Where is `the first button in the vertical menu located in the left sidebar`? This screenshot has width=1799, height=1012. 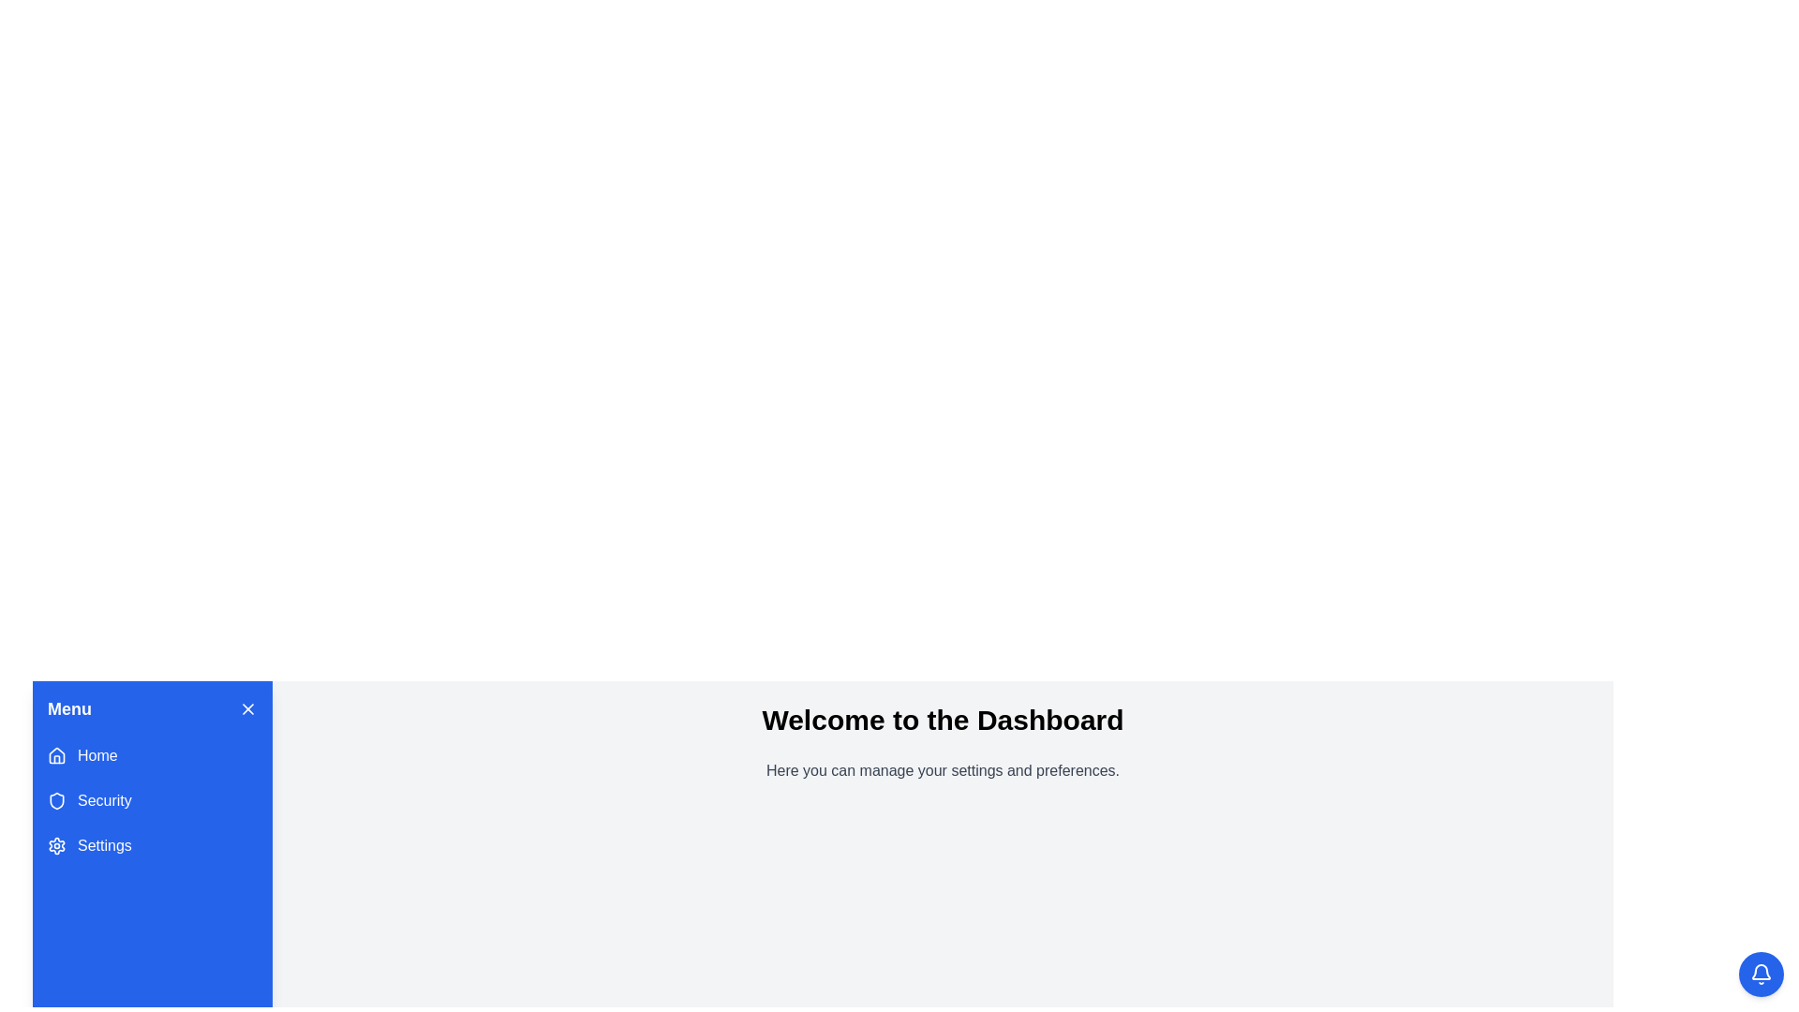
the first button in the vertical menu located in the left sidebar is located at coordinates (153, 754).